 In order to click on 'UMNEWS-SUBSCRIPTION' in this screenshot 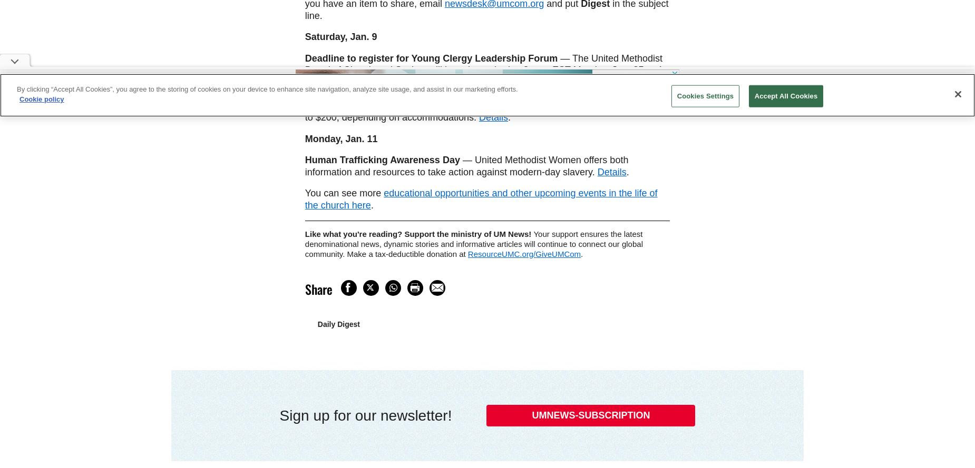, I will do `click(590, 415)`.